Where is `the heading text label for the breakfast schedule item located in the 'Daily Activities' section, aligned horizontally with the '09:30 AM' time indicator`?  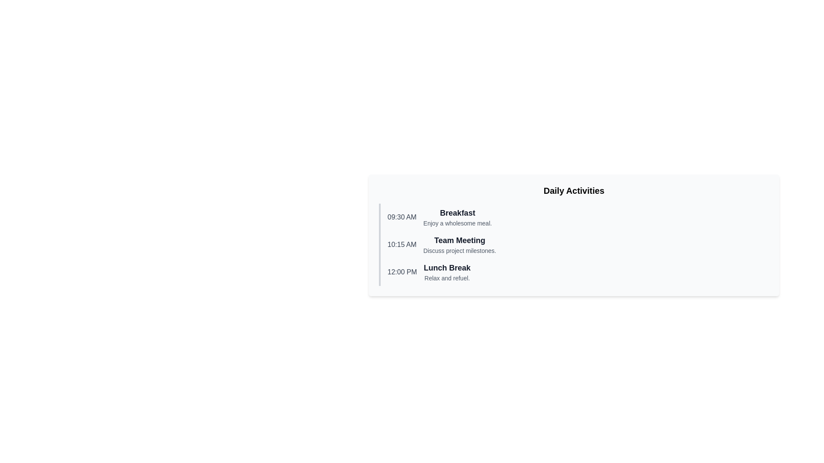 the heading text label for the breakfast schedule item located in the 'Daily Activities' section, aligned horizontally with the '09:30 AM' time indicator is located at coordinates (457, 213).